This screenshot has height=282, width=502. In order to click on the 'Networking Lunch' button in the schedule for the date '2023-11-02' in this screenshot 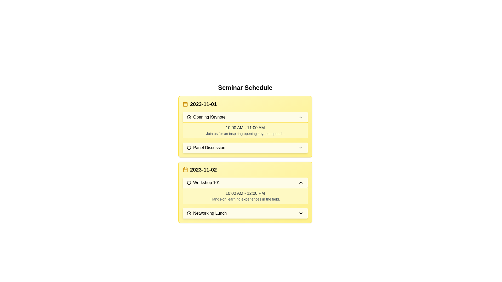, I will do `click(245, 213)`.